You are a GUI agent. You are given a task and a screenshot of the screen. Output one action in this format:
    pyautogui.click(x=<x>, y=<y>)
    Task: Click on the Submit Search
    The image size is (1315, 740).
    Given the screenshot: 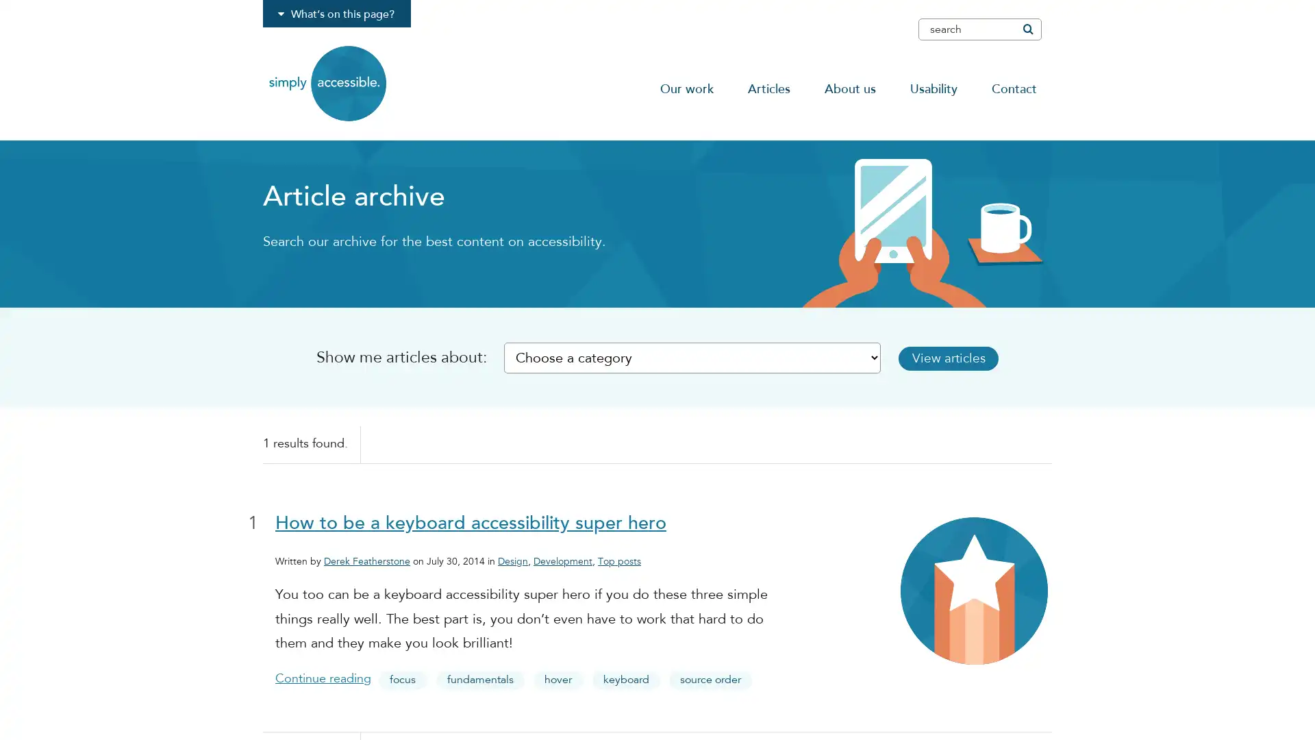 What is the action you would take?
    pyautogui.click(x=1027, y=29)
    